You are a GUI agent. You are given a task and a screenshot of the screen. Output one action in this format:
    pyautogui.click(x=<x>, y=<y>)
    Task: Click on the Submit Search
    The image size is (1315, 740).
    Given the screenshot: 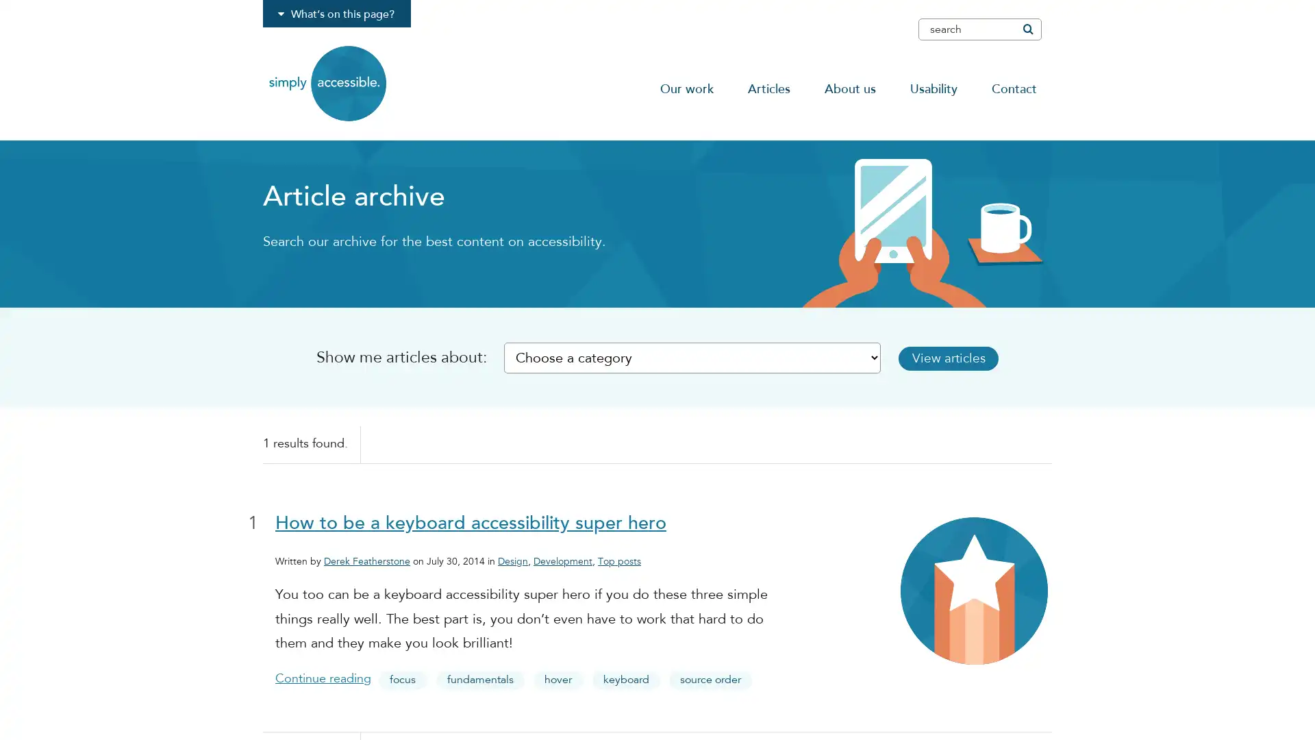 What is the action you would take?
    pyautogui.click(x=1027, y=29)
    